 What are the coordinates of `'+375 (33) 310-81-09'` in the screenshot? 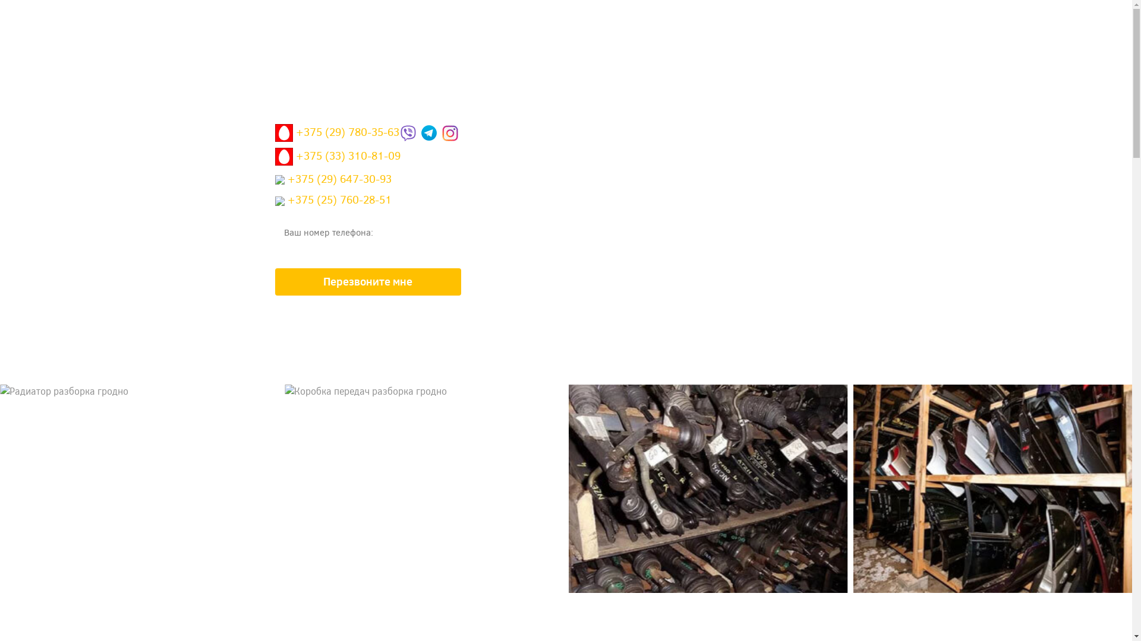 It's located at (336, 159).